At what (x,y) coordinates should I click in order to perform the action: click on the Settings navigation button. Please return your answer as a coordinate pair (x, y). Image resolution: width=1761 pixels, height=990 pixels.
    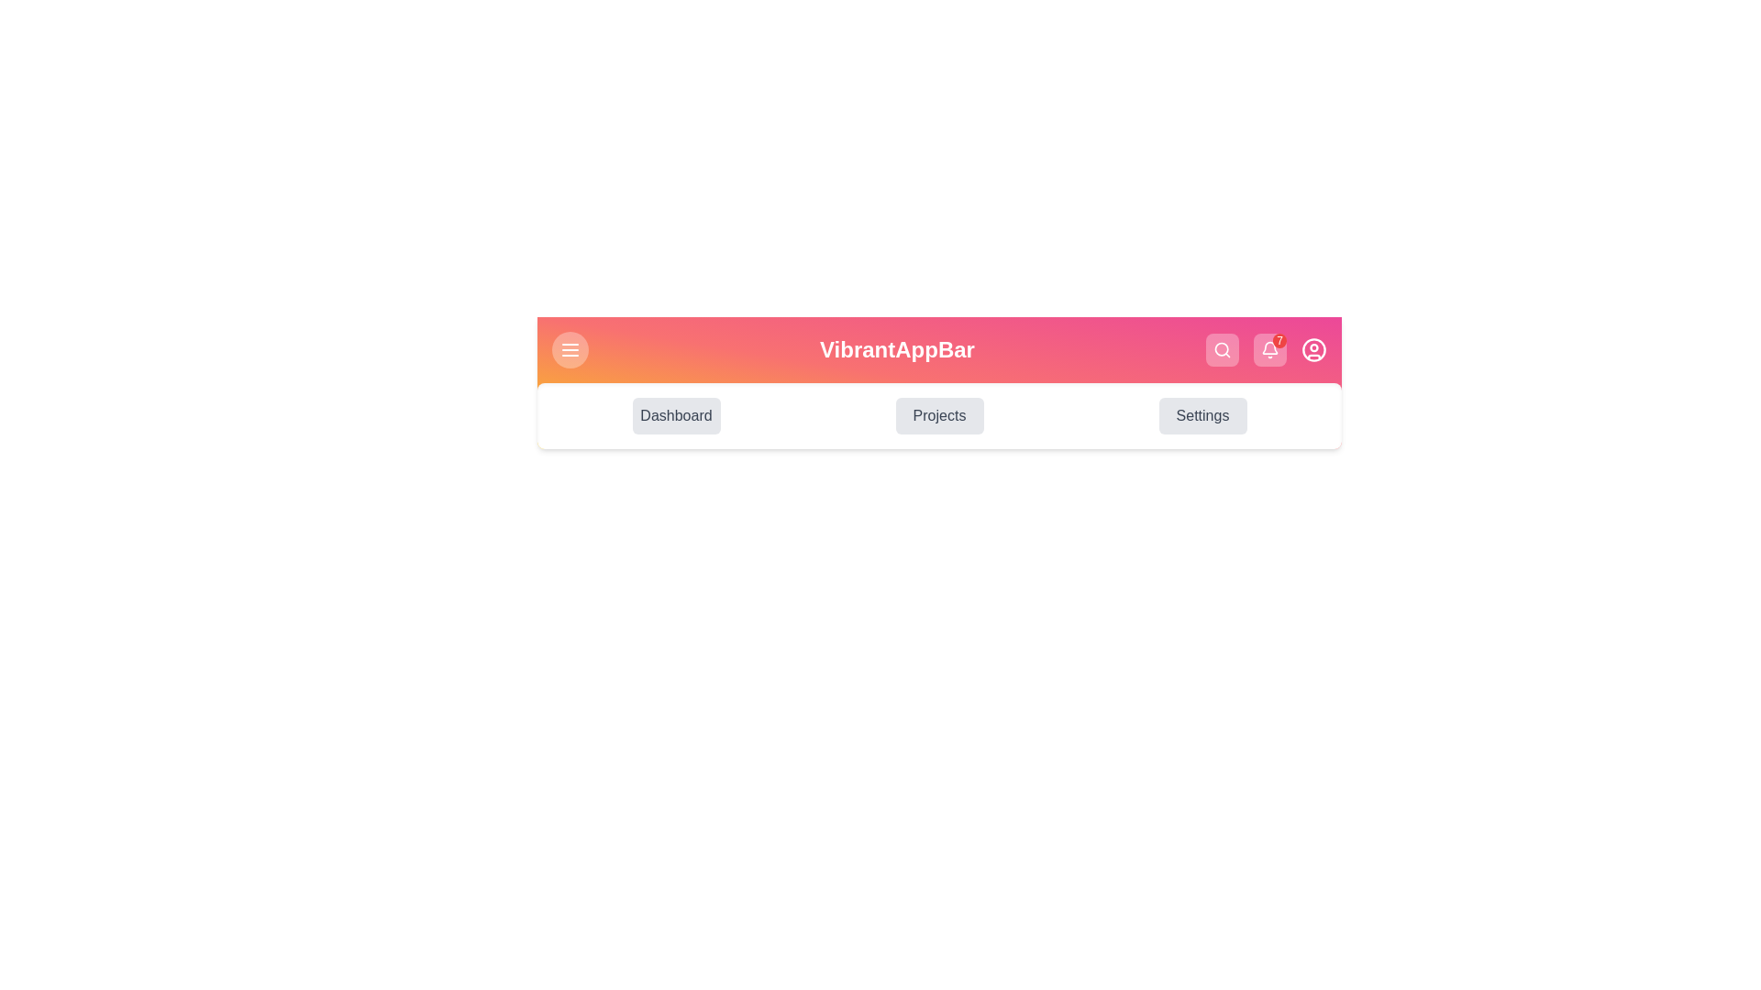
    Looking at the image, I should click on (1202, 416).